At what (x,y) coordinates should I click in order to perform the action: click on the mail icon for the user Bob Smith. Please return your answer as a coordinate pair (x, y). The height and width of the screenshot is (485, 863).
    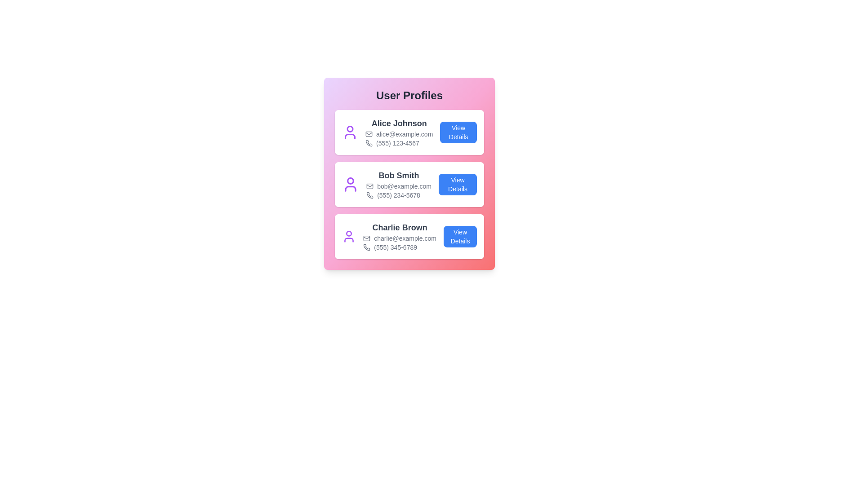
    Looking at the image, I should click on (369, 186).